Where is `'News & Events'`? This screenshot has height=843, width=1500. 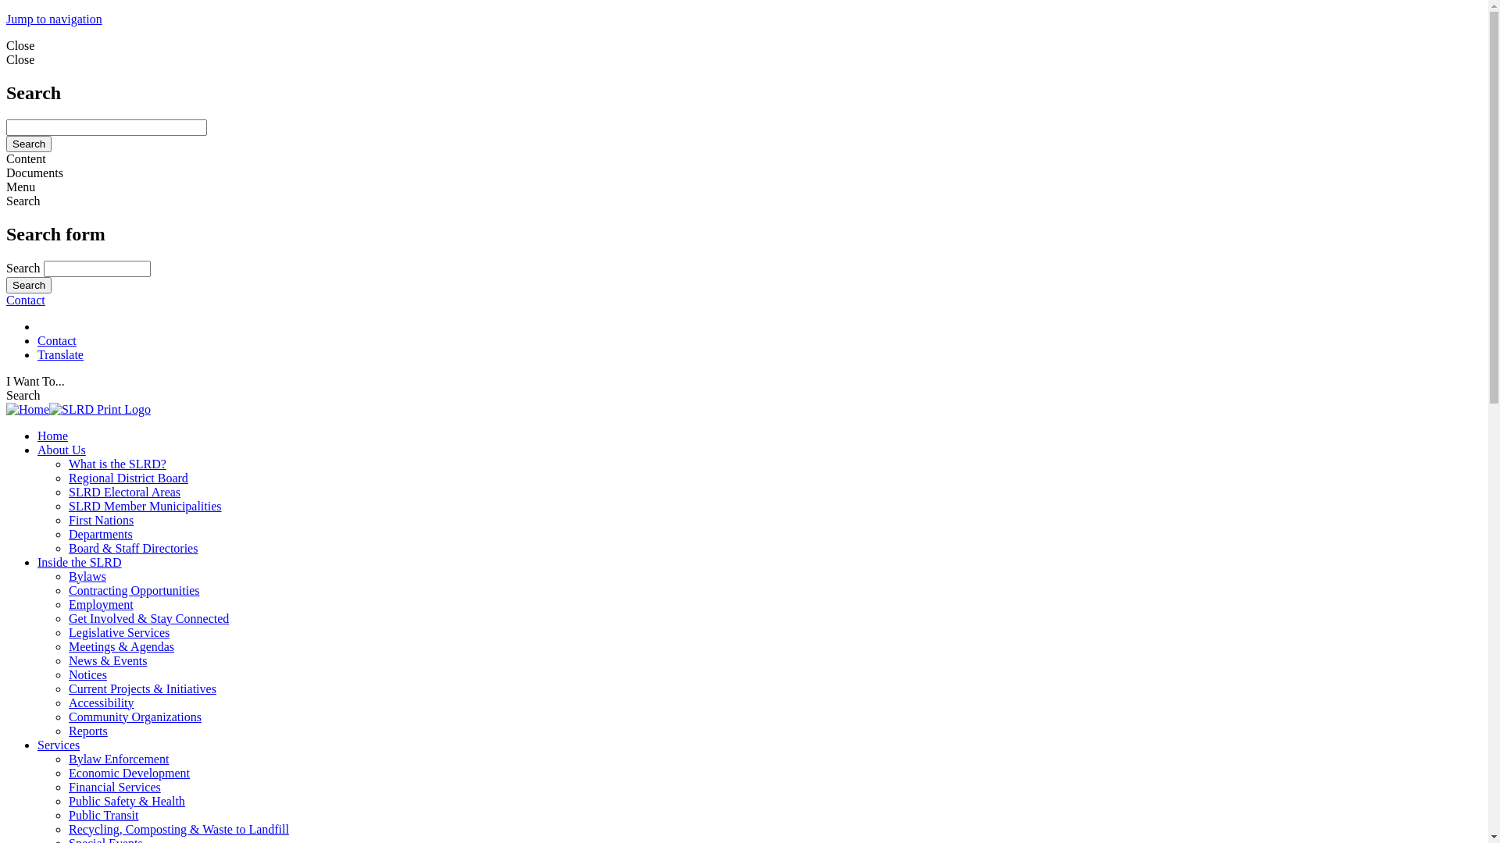 'News & Events' is located at coordinates (107, 660).